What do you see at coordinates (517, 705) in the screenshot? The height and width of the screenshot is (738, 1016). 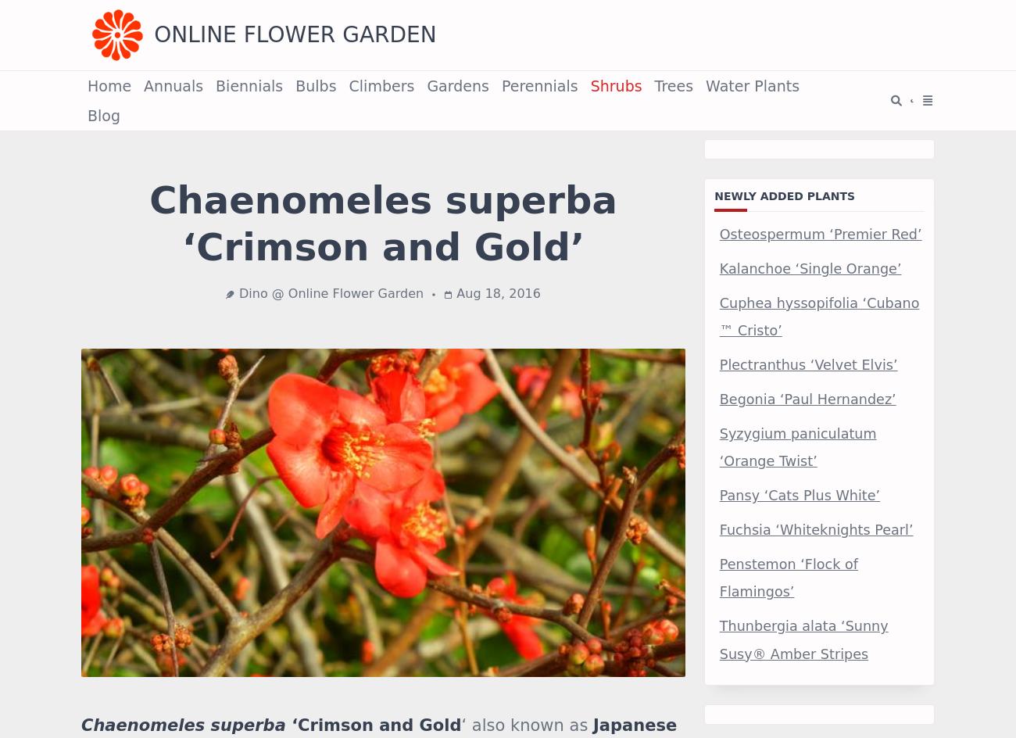 I see `'Erysimum cheiri ‘Constant Cheer’'` at bounding box center [517, 705].